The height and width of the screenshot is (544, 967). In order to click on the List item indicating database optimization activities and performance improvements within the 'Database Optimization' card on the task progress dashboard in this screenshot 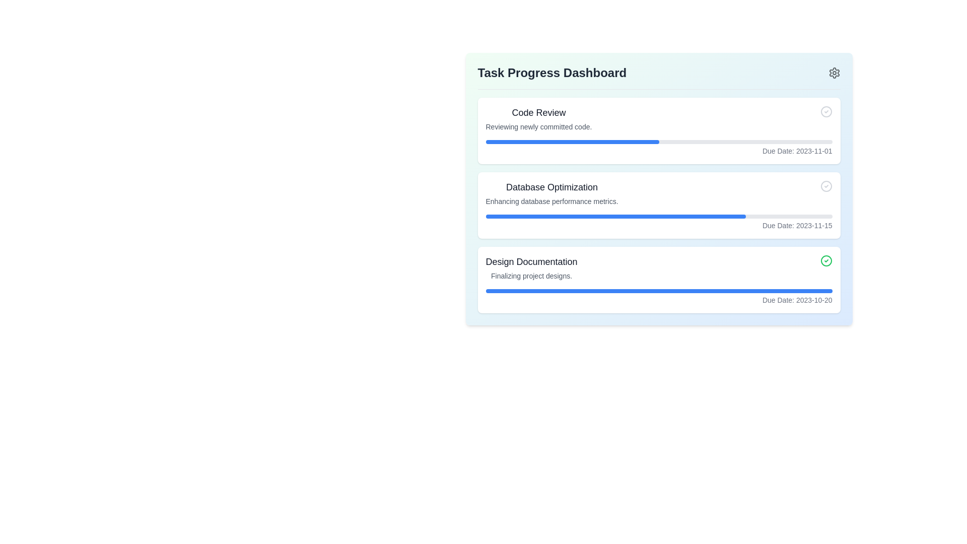, I will do `click(659, 193)`.